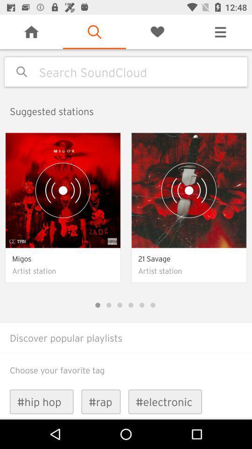  What do you see at coordinates (100, 401) in the screenshot?
I see `item next to the #electronic icon` at bounding box center [100, 401].